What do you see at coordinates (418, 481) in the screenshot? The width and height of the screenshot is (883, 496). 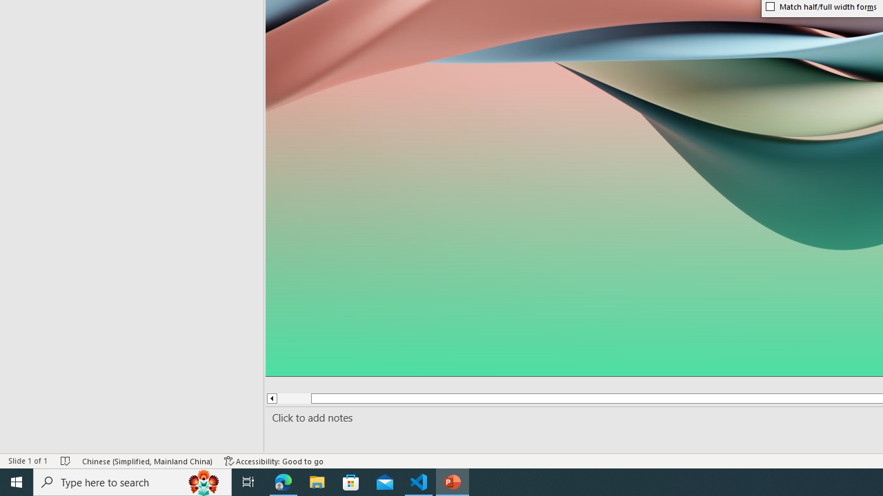 I see `'Visual Studio Code - 1 running window'` at bounding box center [418, 481].